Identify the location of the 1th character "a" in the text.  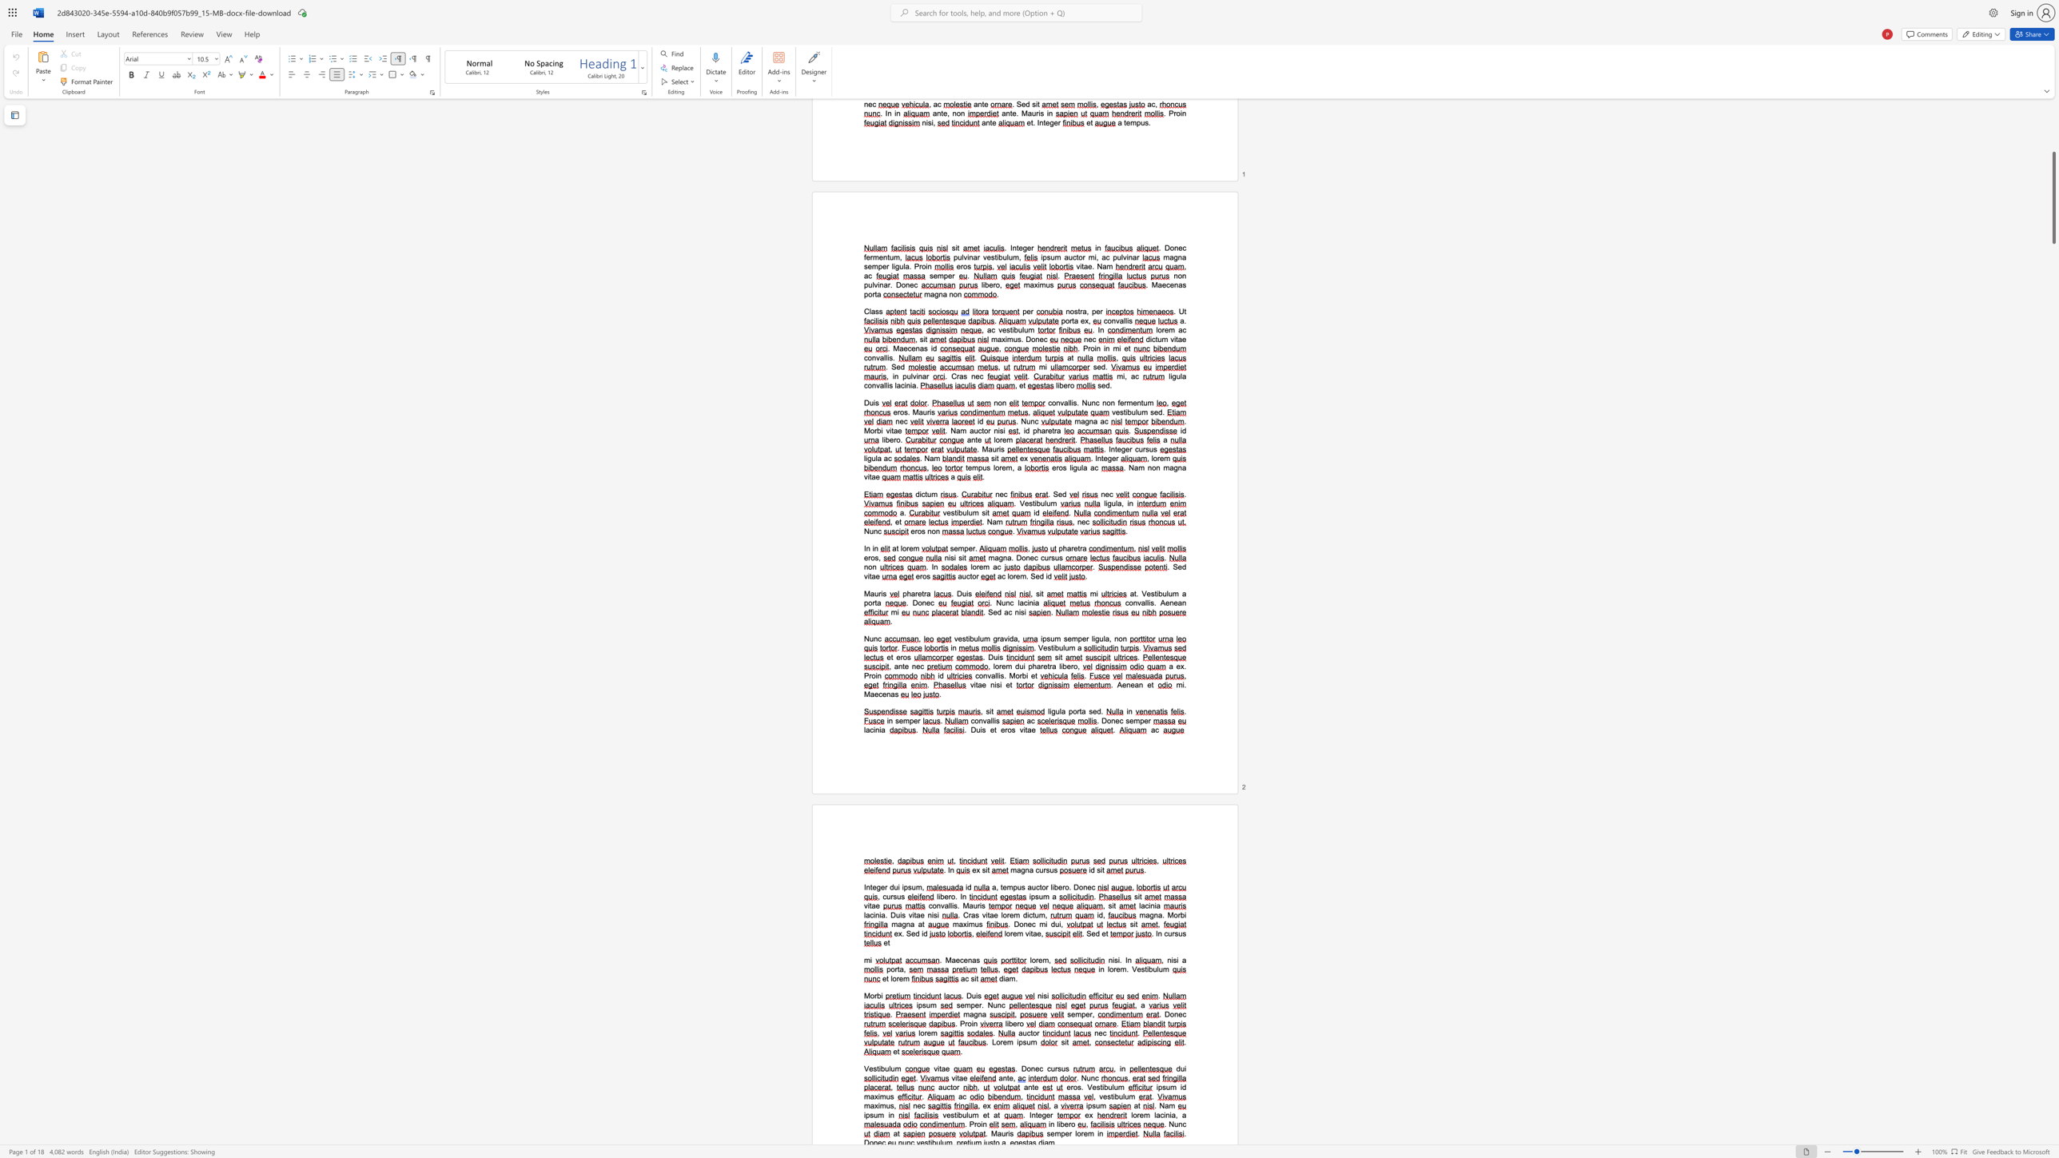
(872, 1096).